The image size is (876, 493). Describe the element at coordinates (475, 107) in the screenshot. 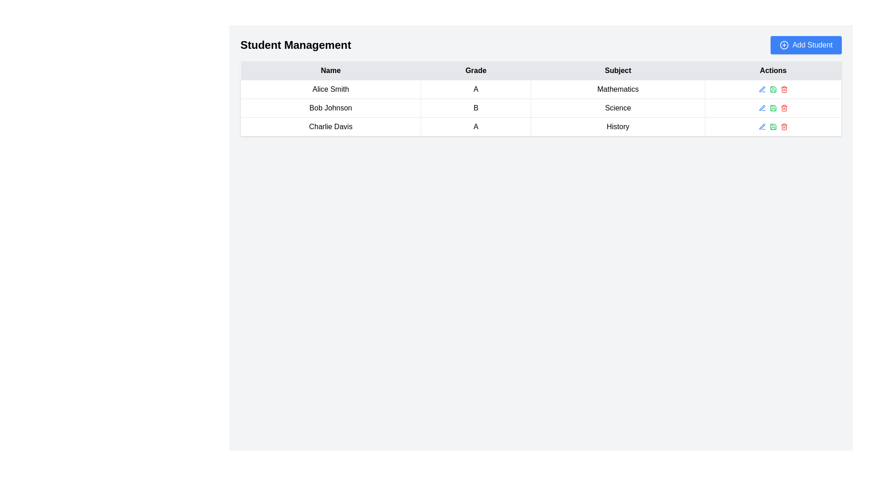

I see `the text element displaying the letter 'B' in the 'Grade' column of the table, located in the second row between 'Bob Johnson' and 'Science'` at that location.